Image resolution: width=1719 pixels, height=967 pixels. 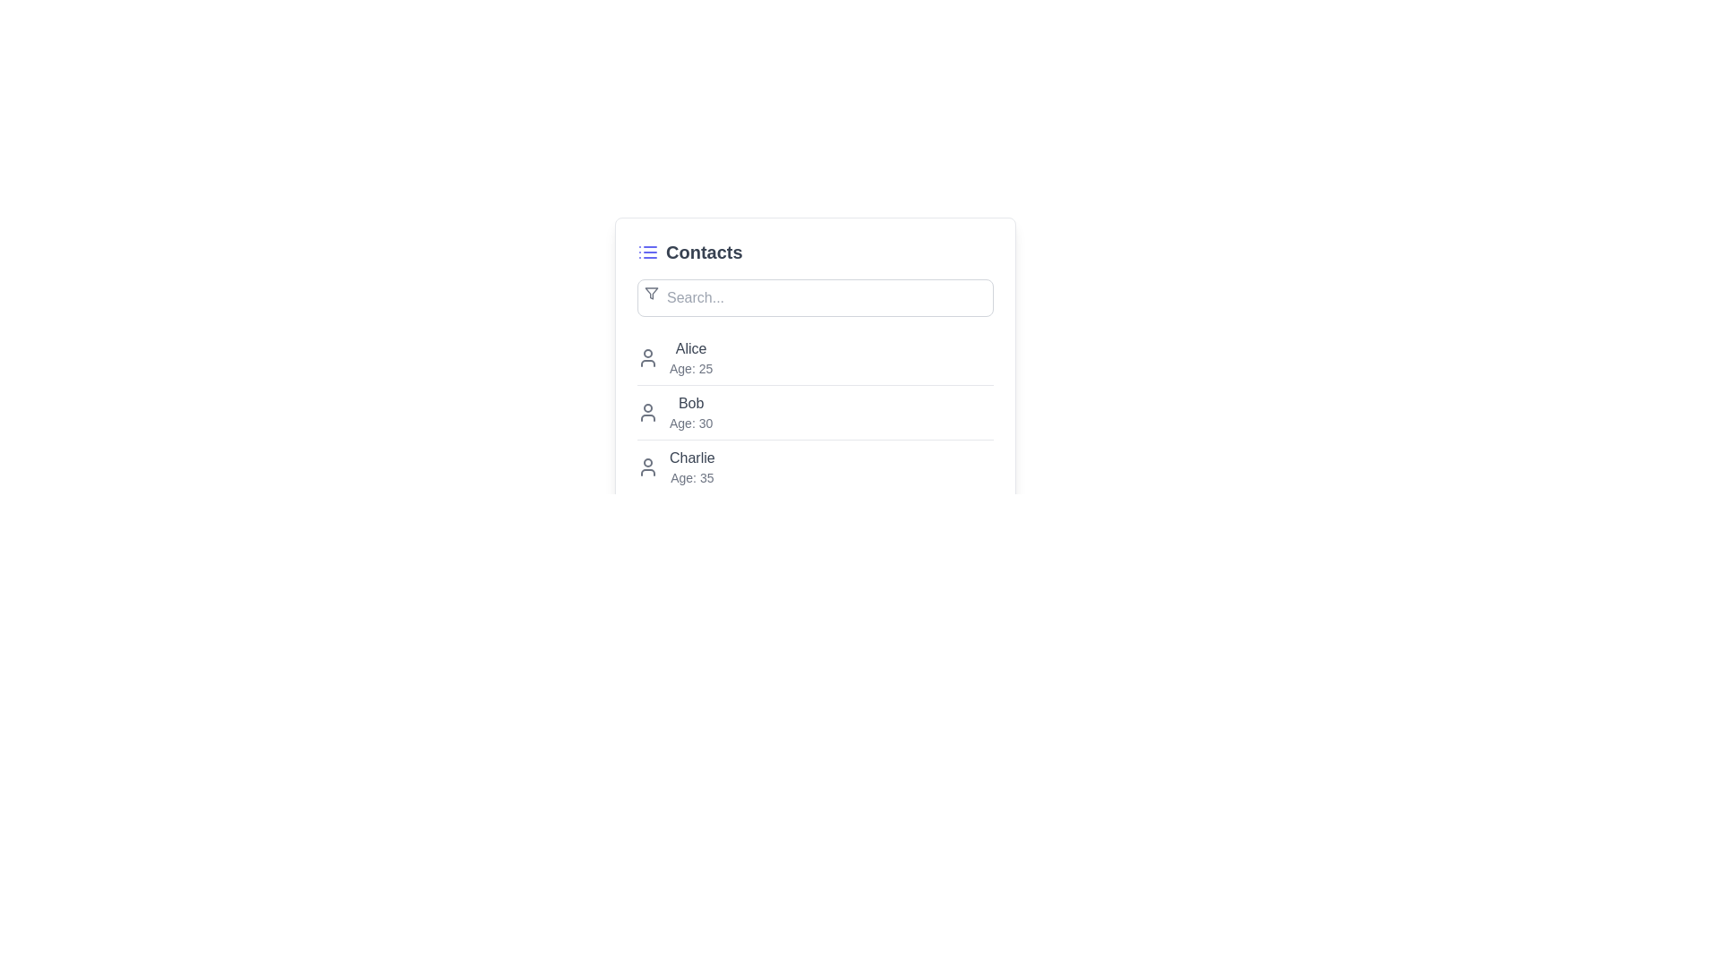 I want to click on the user icon symbol located to the immediate left of the text displaying 'Charlie' and 'Age: 35' in the contact list for further actions, so click(x=647, y=466).